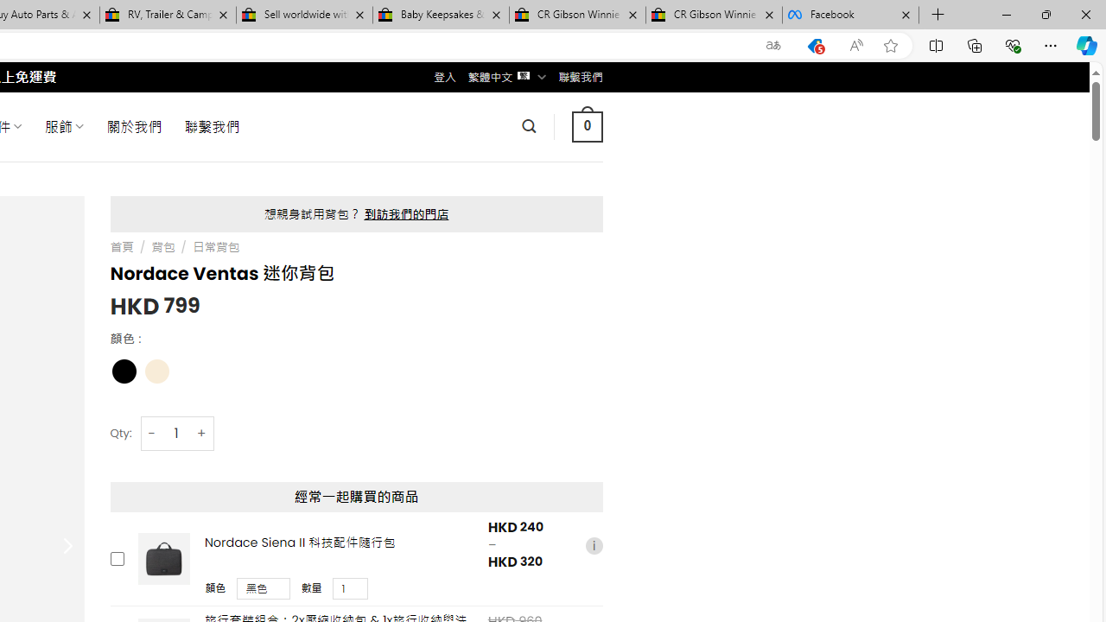 The width and height of the screenshot is (1106, 622). Describe the element at coordinates (116, 559) in the screenshot. I see `'Add this product to cart'` at that location.